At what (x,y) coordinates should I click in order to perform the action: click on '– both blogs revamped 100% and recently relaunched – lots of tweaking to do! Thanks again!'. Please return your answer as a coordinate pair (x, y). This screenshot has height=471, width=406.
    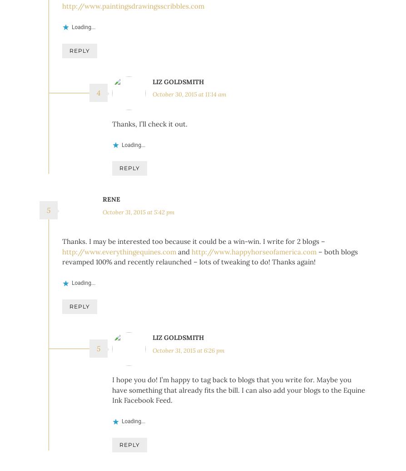
    Looking at the image, I should click on (210, 270).